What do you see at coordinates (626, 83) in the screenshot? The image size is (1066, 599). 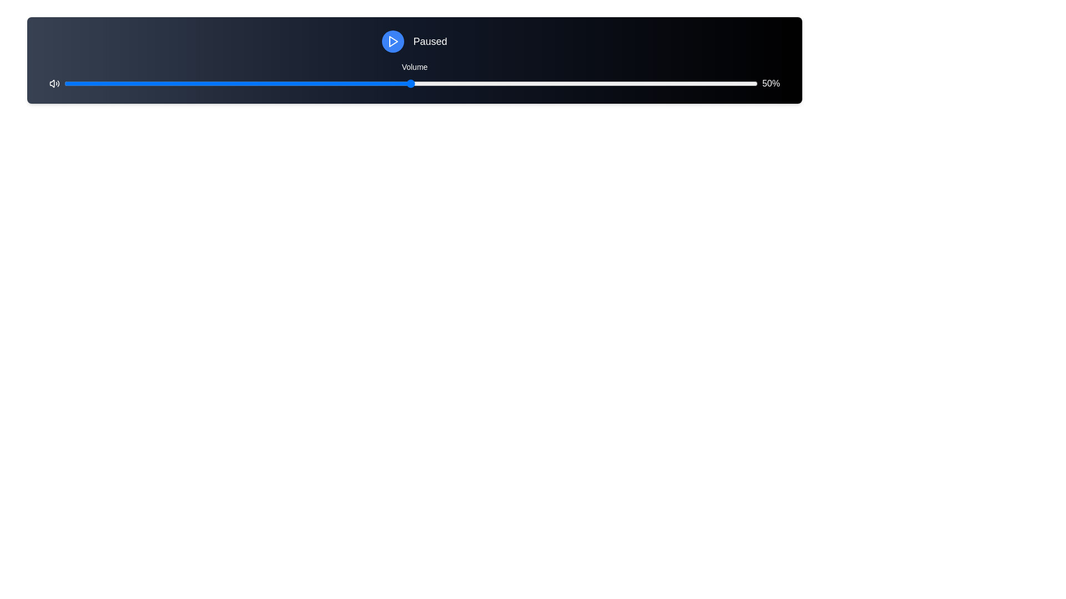 I see `the volume level` at bounding box center [626, 83].